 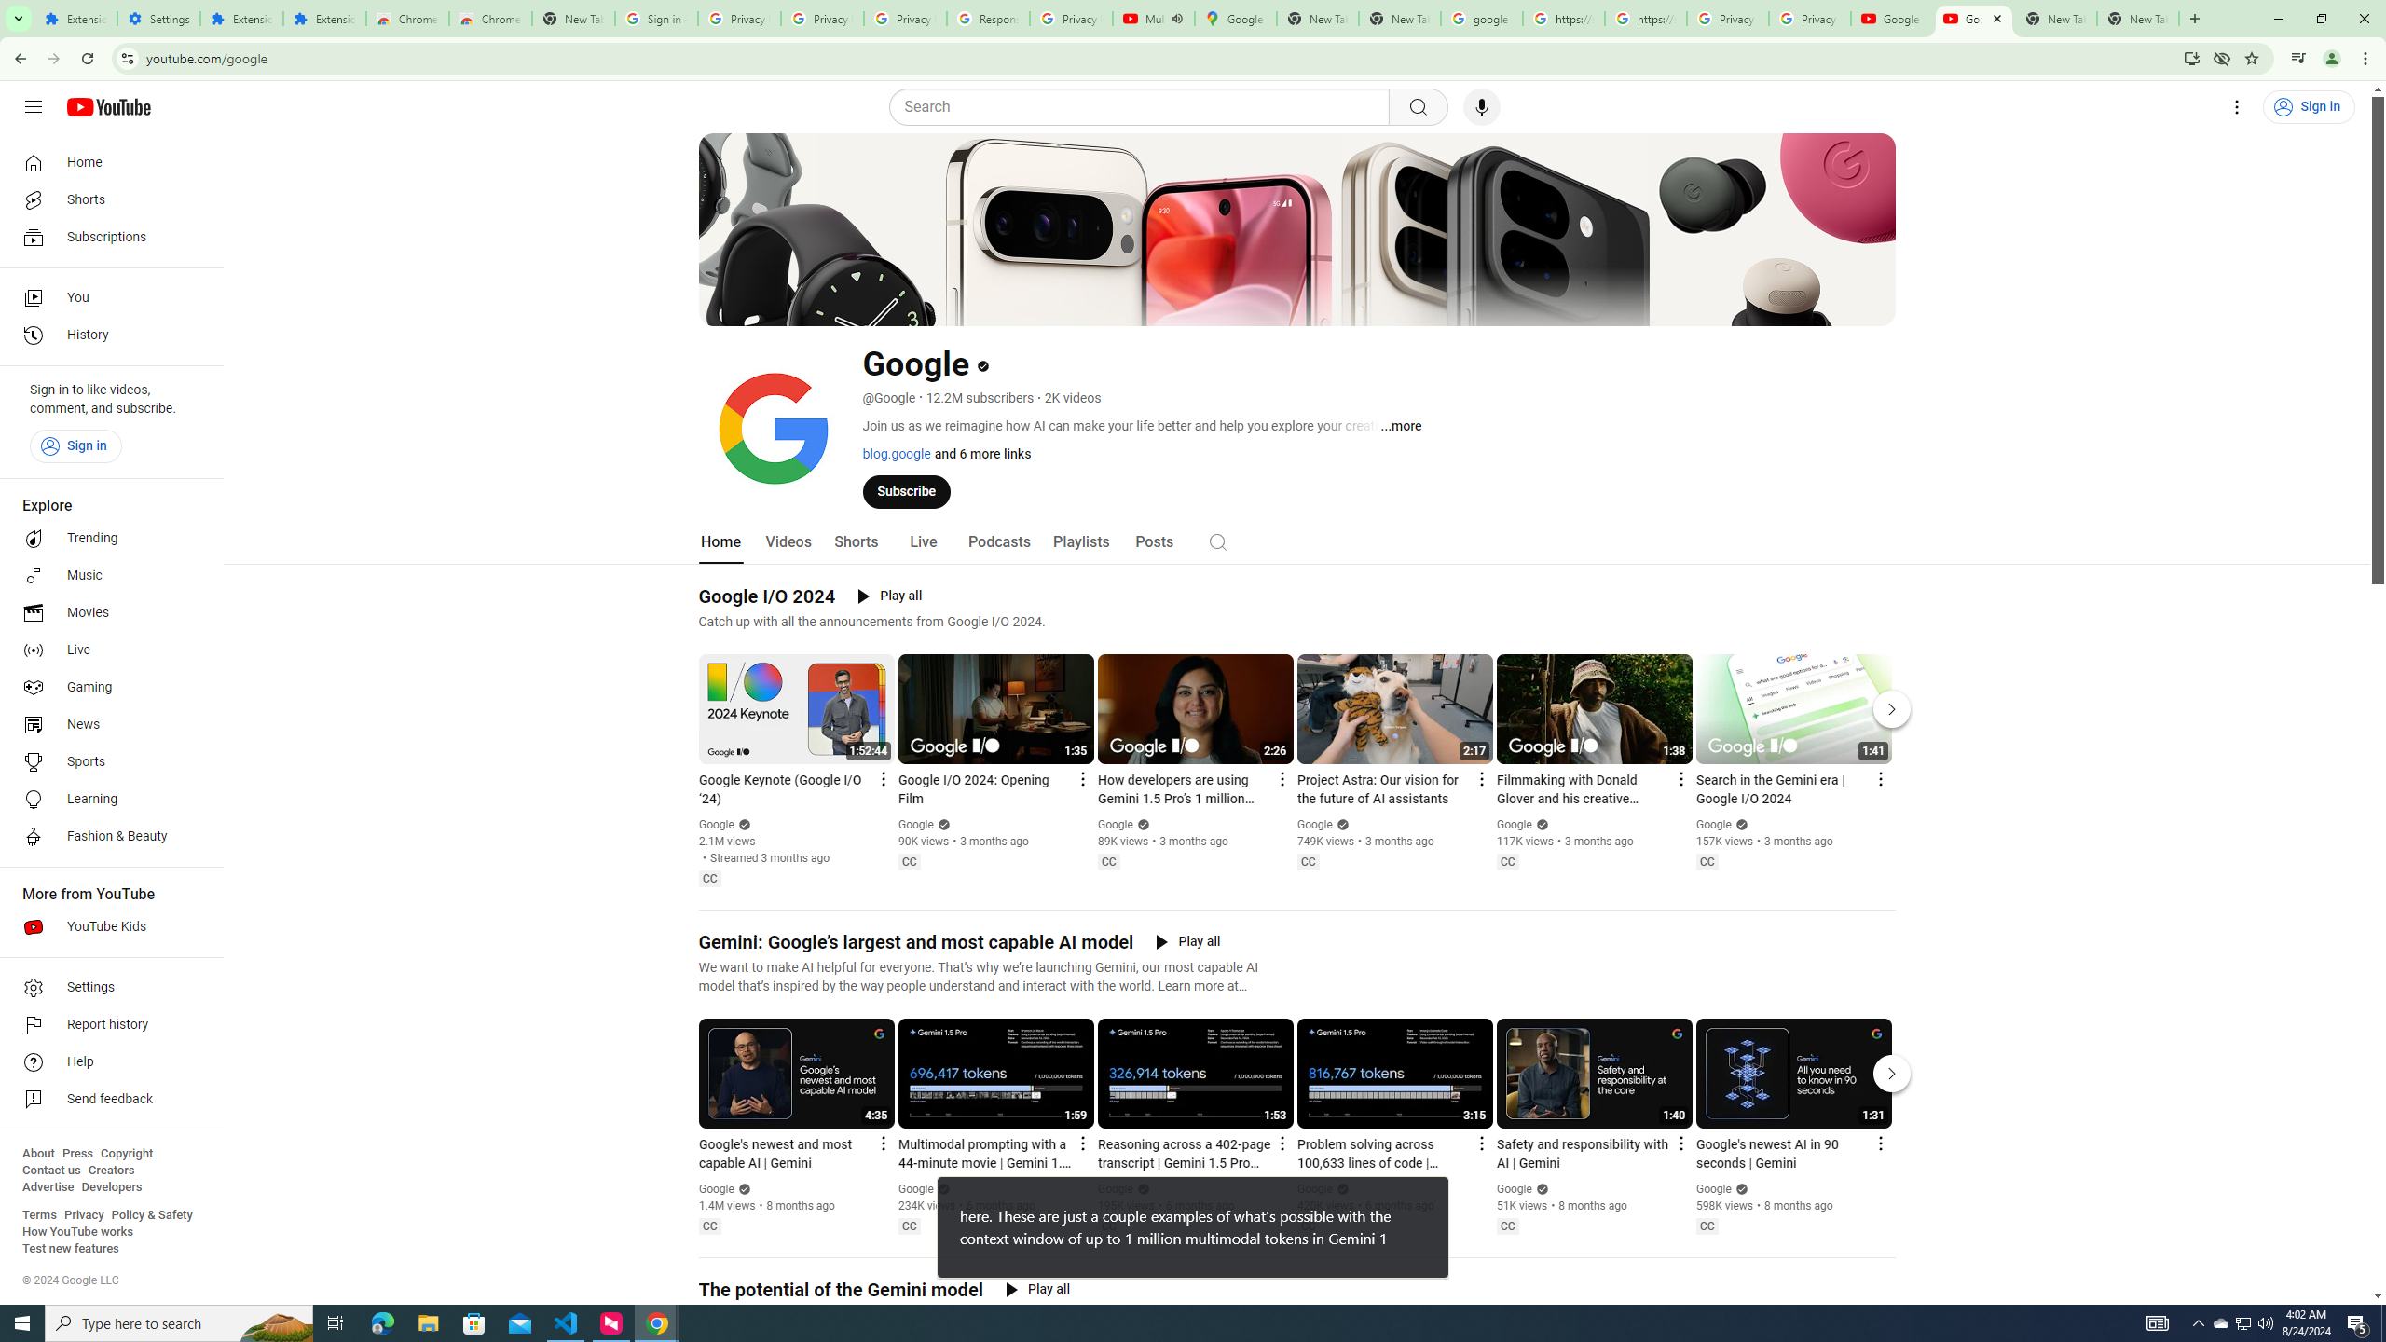 I want to click on 'Extensions', so click(x=323, y=18).